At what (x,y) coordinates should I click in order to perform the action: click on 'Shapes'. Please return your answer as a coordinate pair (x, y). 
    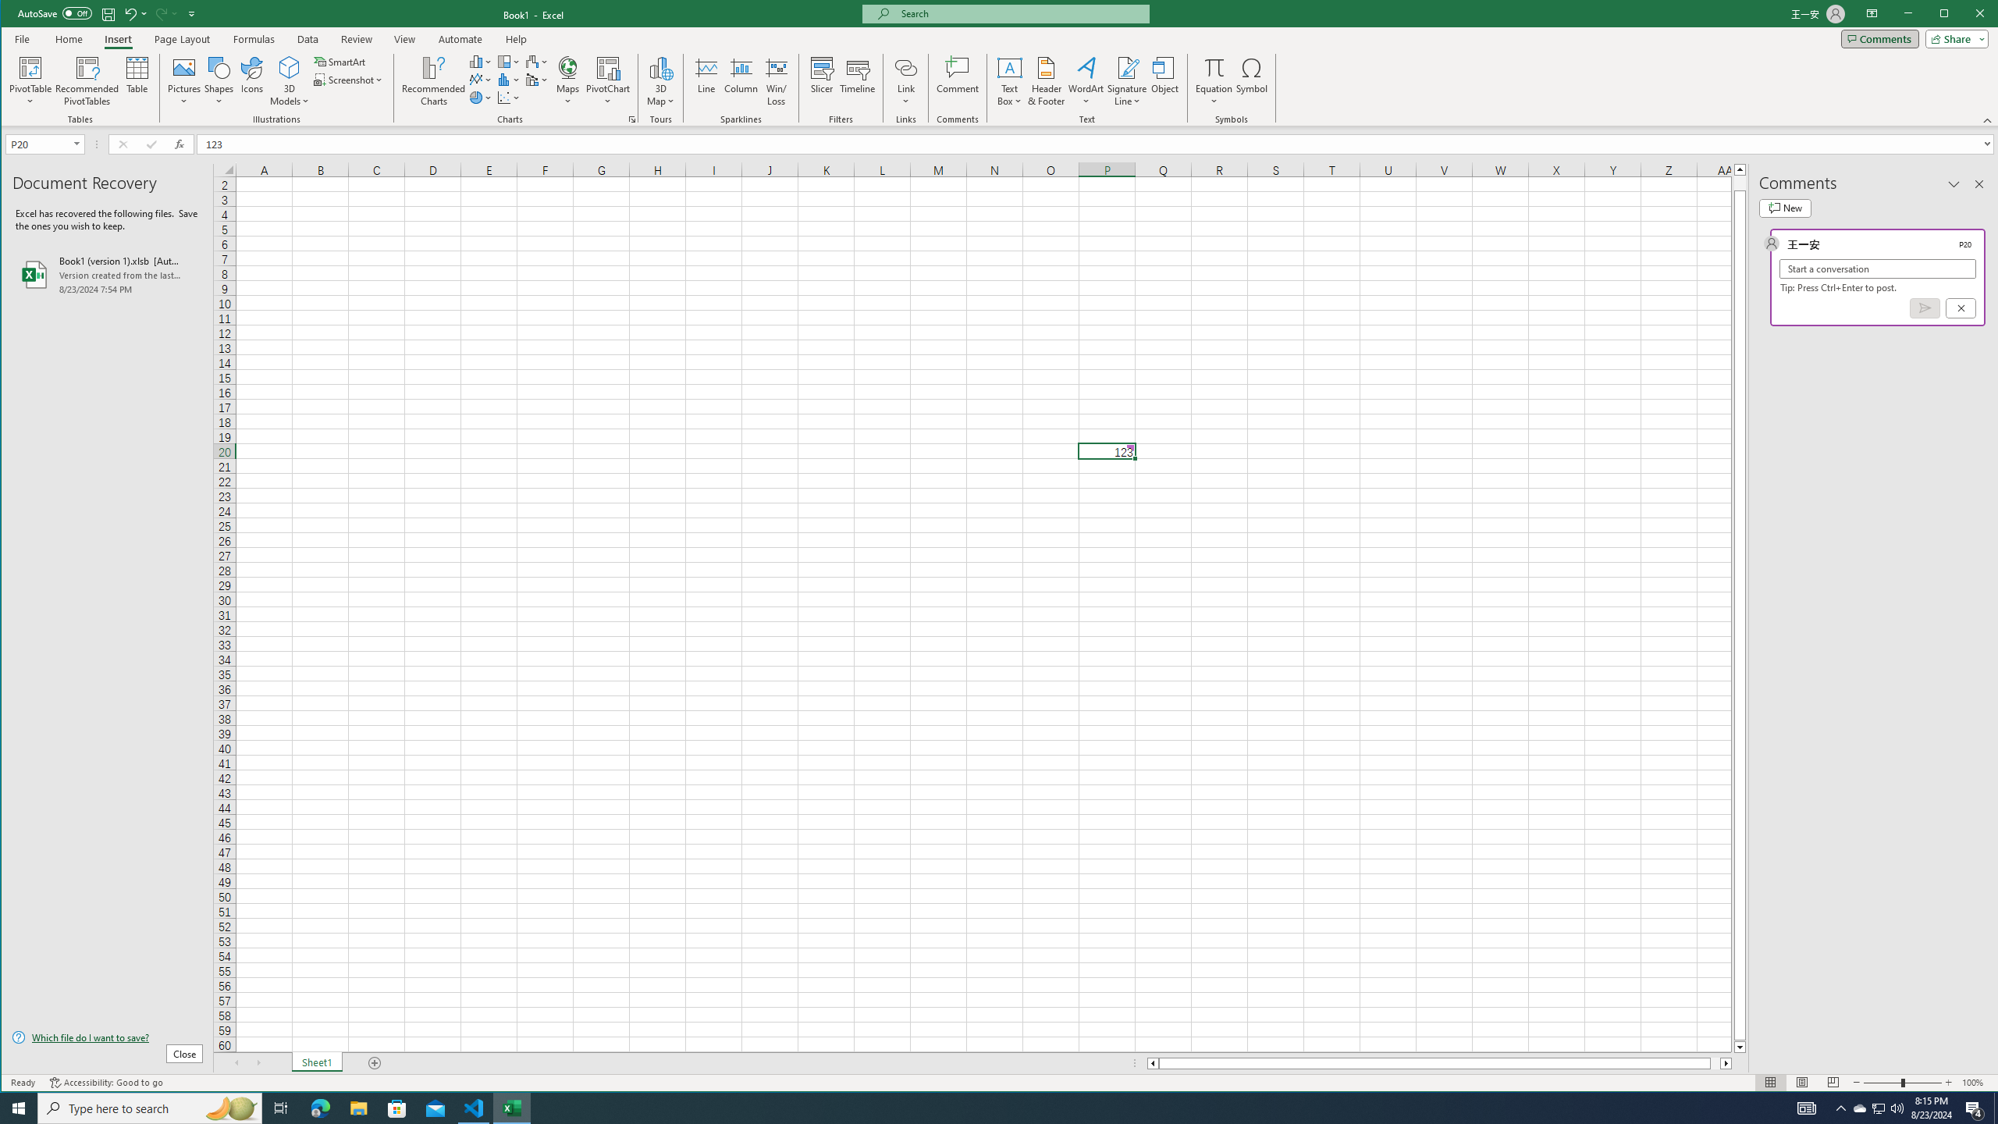
    Looking at the image, I should click on (219, 80).